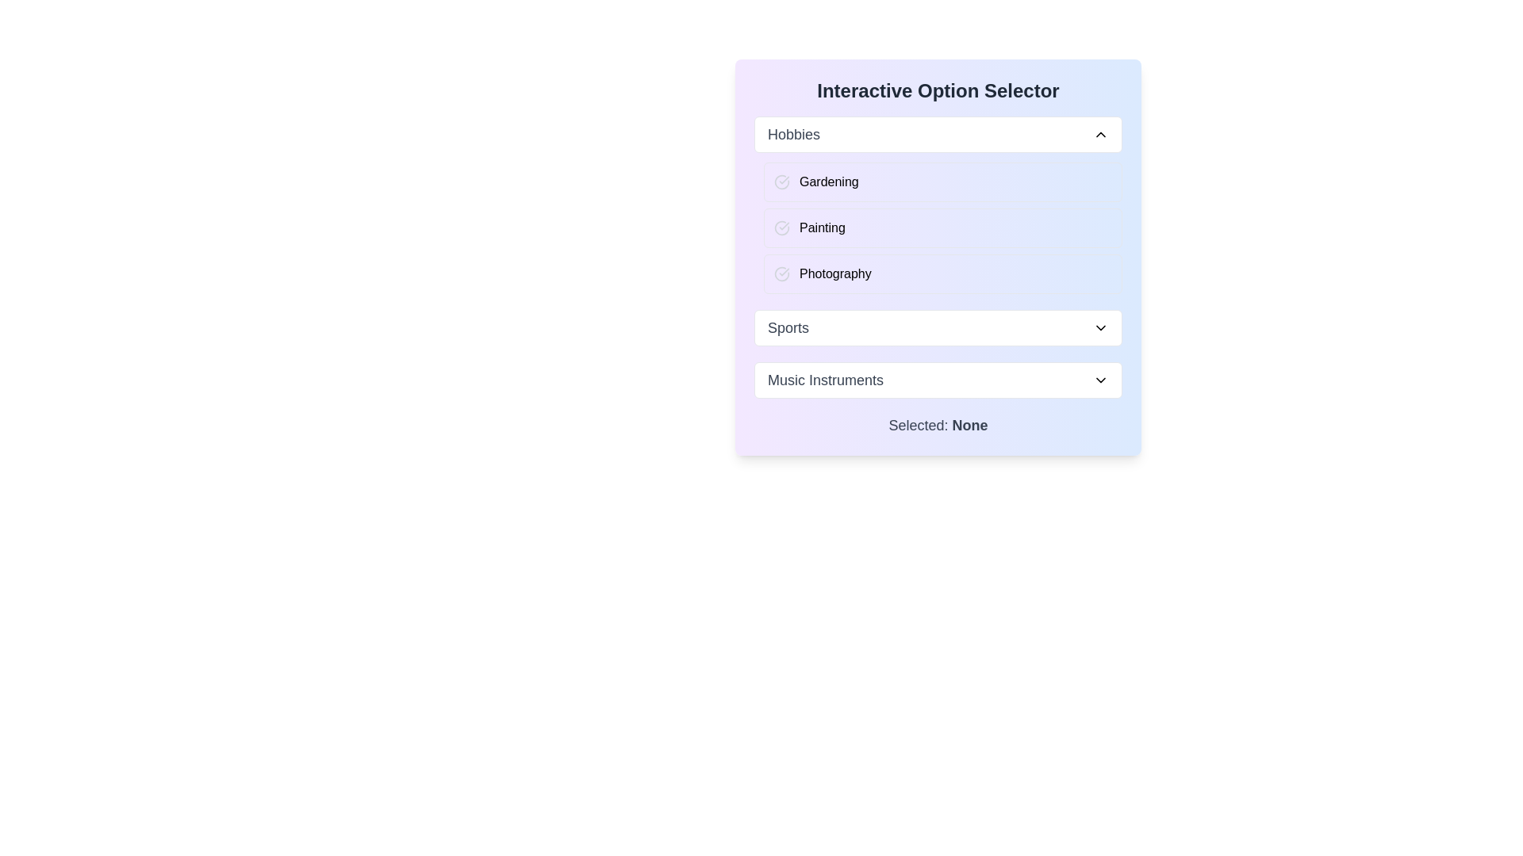 The image size is (1523, 856). Describe the element at coordinates (943, 228) in the screenshot. I see `on the selectable list item representing 'Painting' in the hobbies category` at that location.